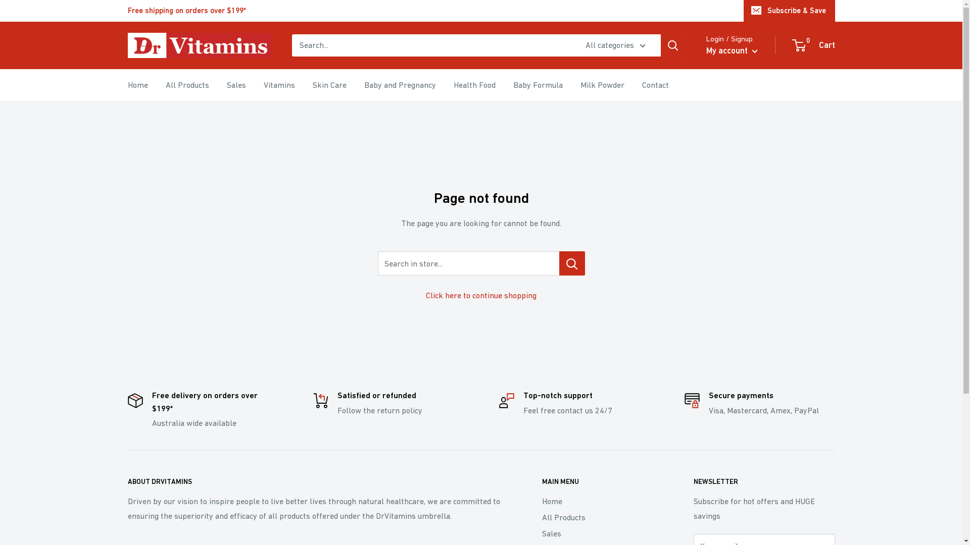  I want to click on 'Sales', so click(235, 85).